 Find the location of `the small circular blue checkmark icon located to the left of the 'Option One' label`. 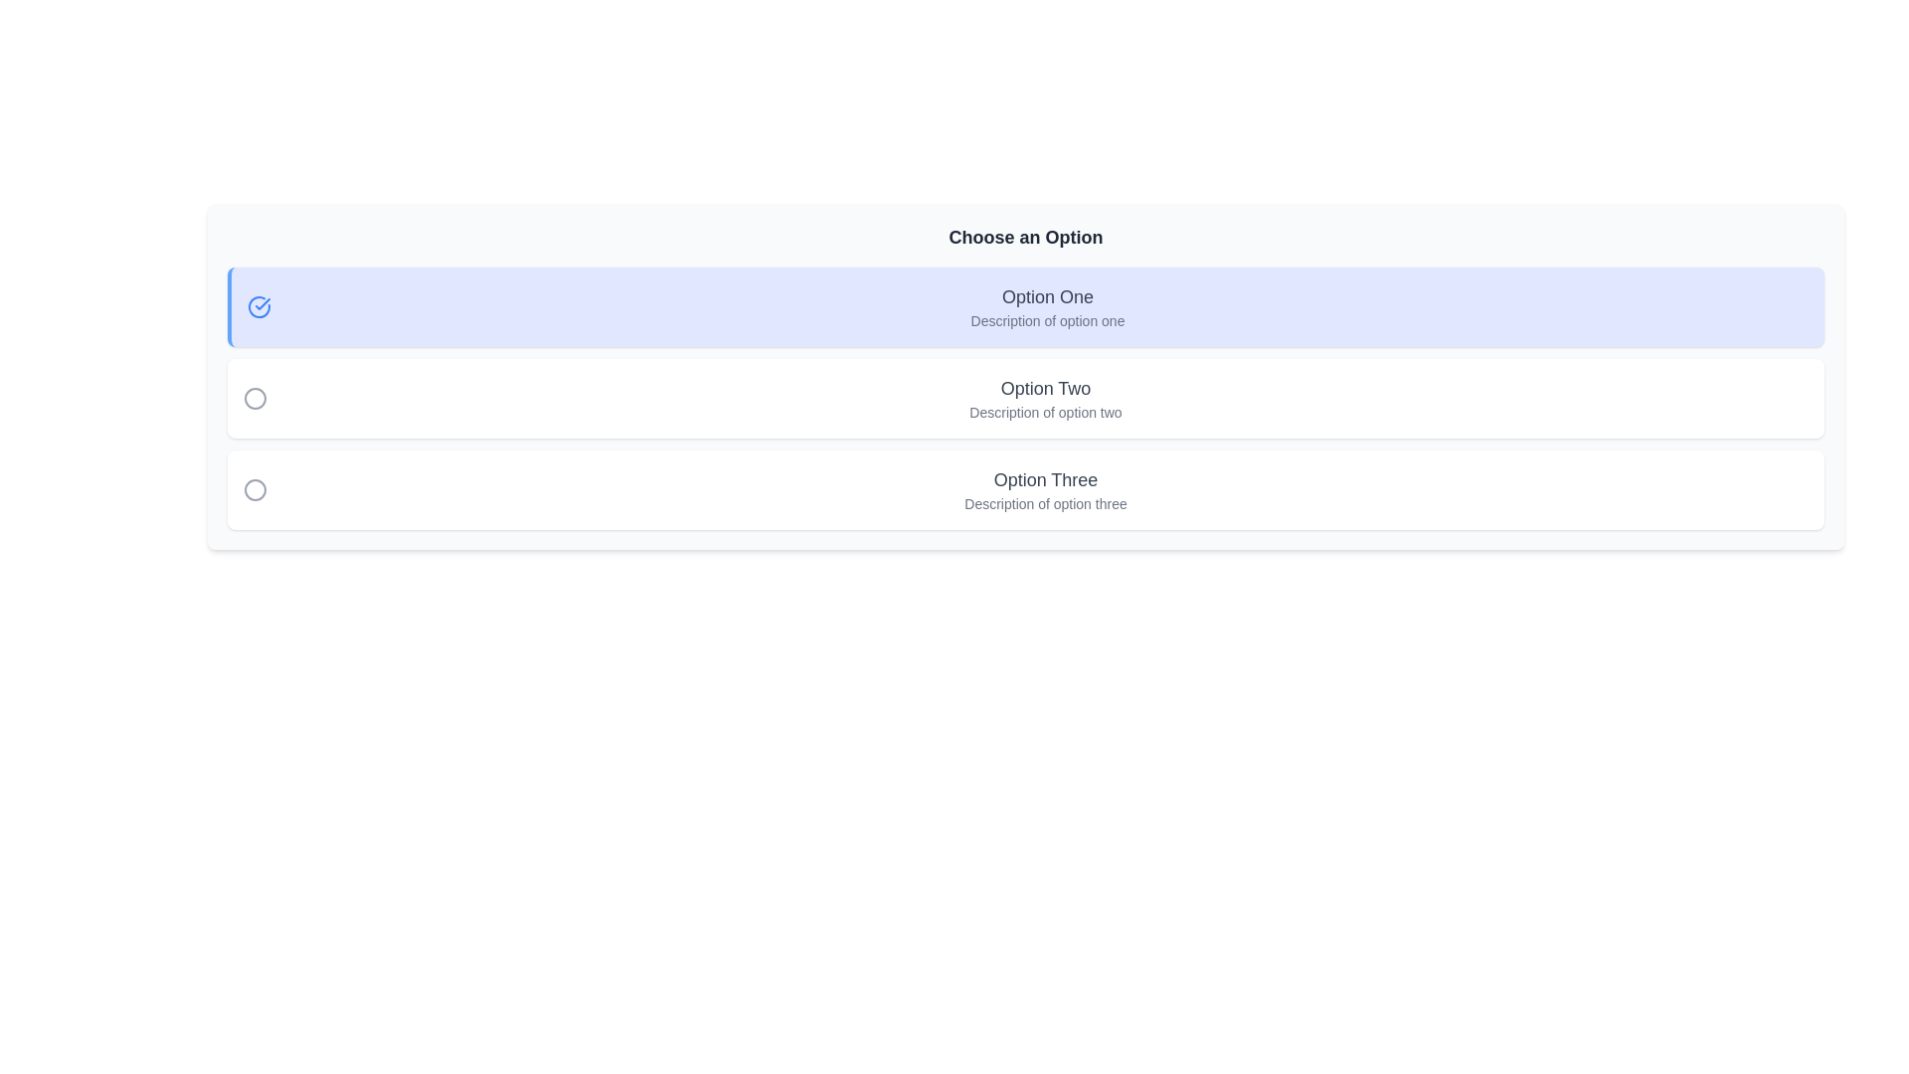

the small circular blue checkmark icon located to the left of the 'Option One' label is located at coordinates (258, 306).